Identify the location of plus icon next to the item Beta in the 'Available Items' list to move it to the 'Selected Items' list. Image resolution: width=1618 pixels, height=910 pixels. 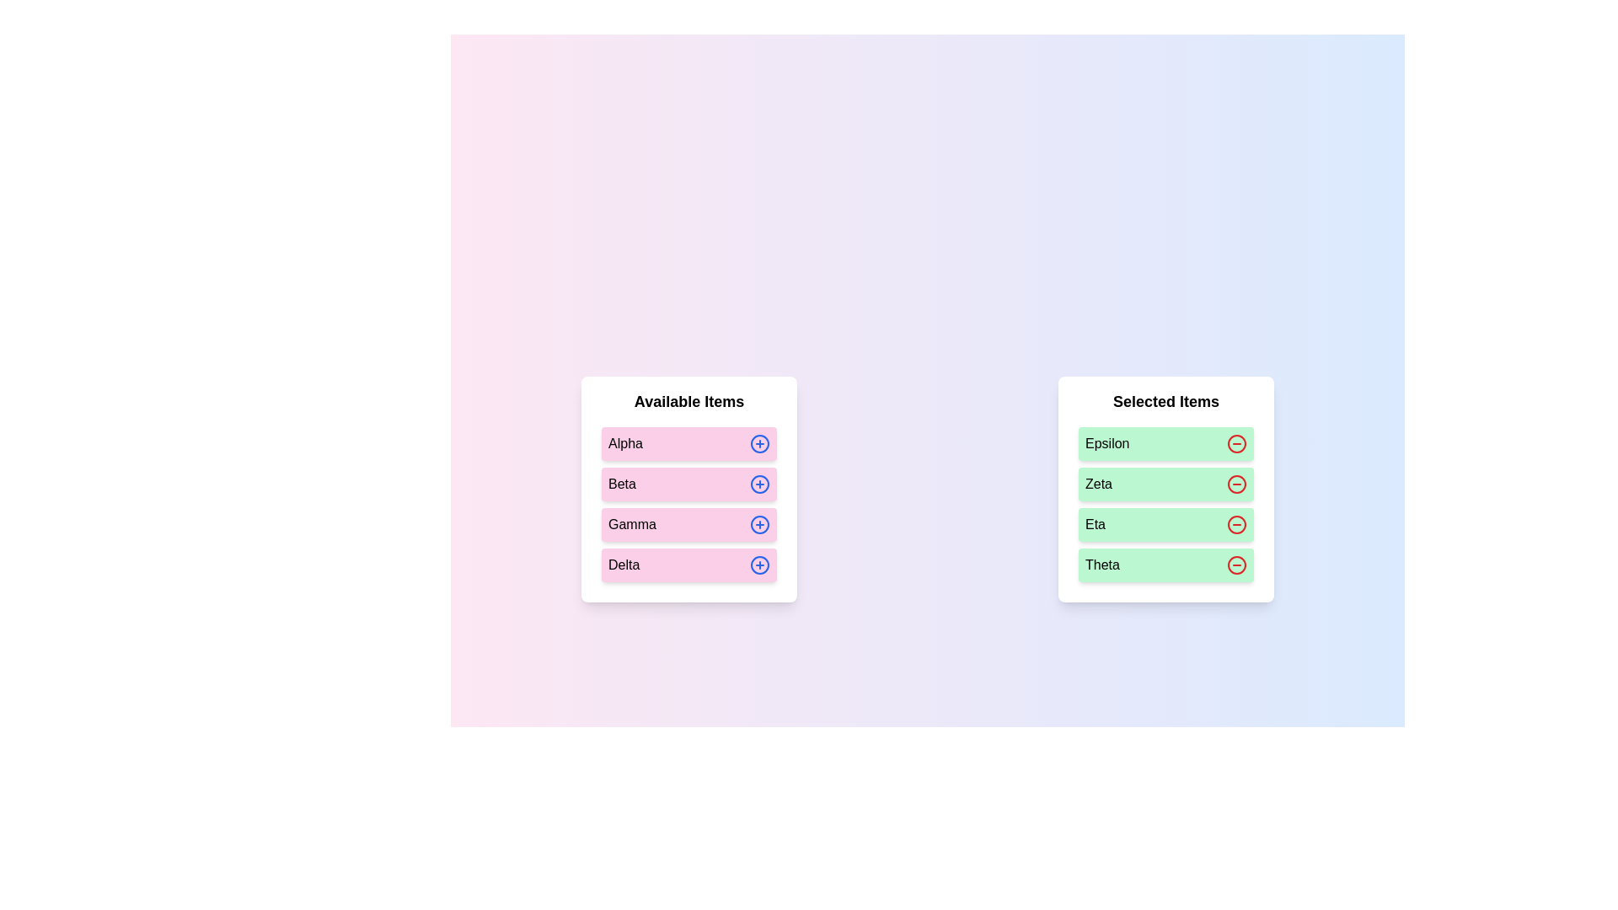
(759, 484).